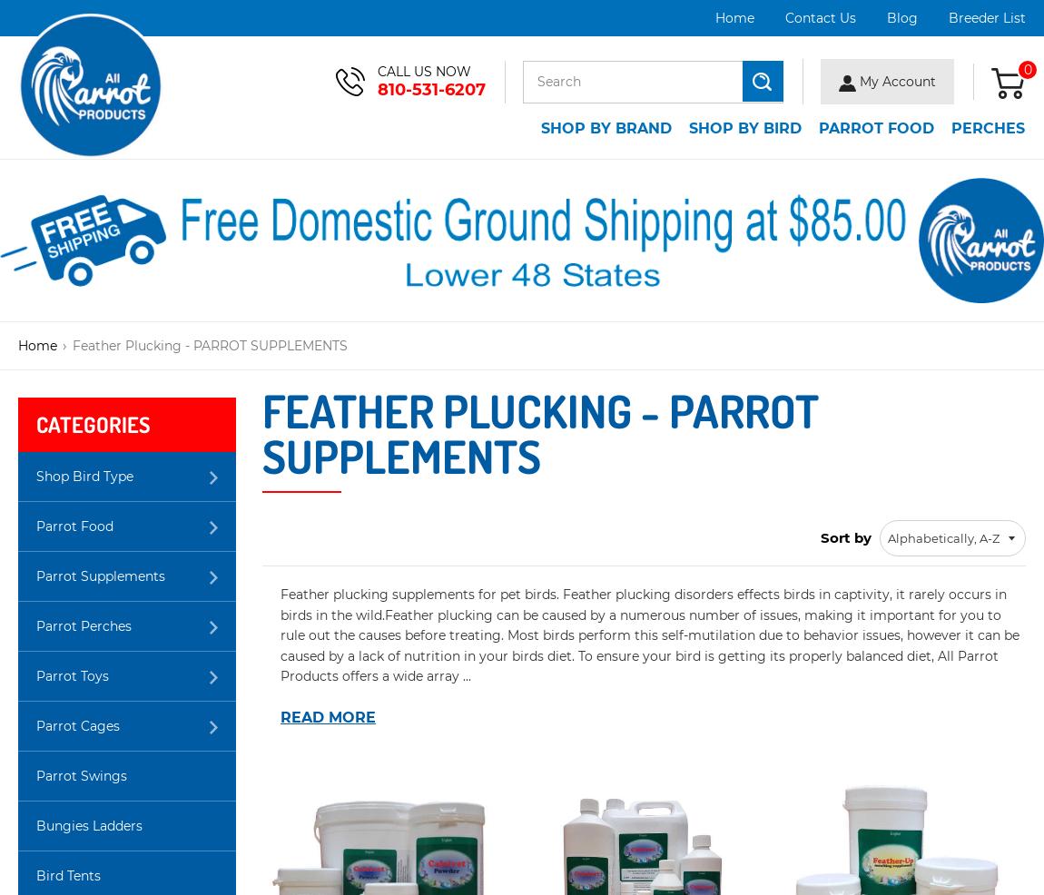 The width and height of the screenshot is (1044, 895). I want to click on 'My Account', so click(896, 82).